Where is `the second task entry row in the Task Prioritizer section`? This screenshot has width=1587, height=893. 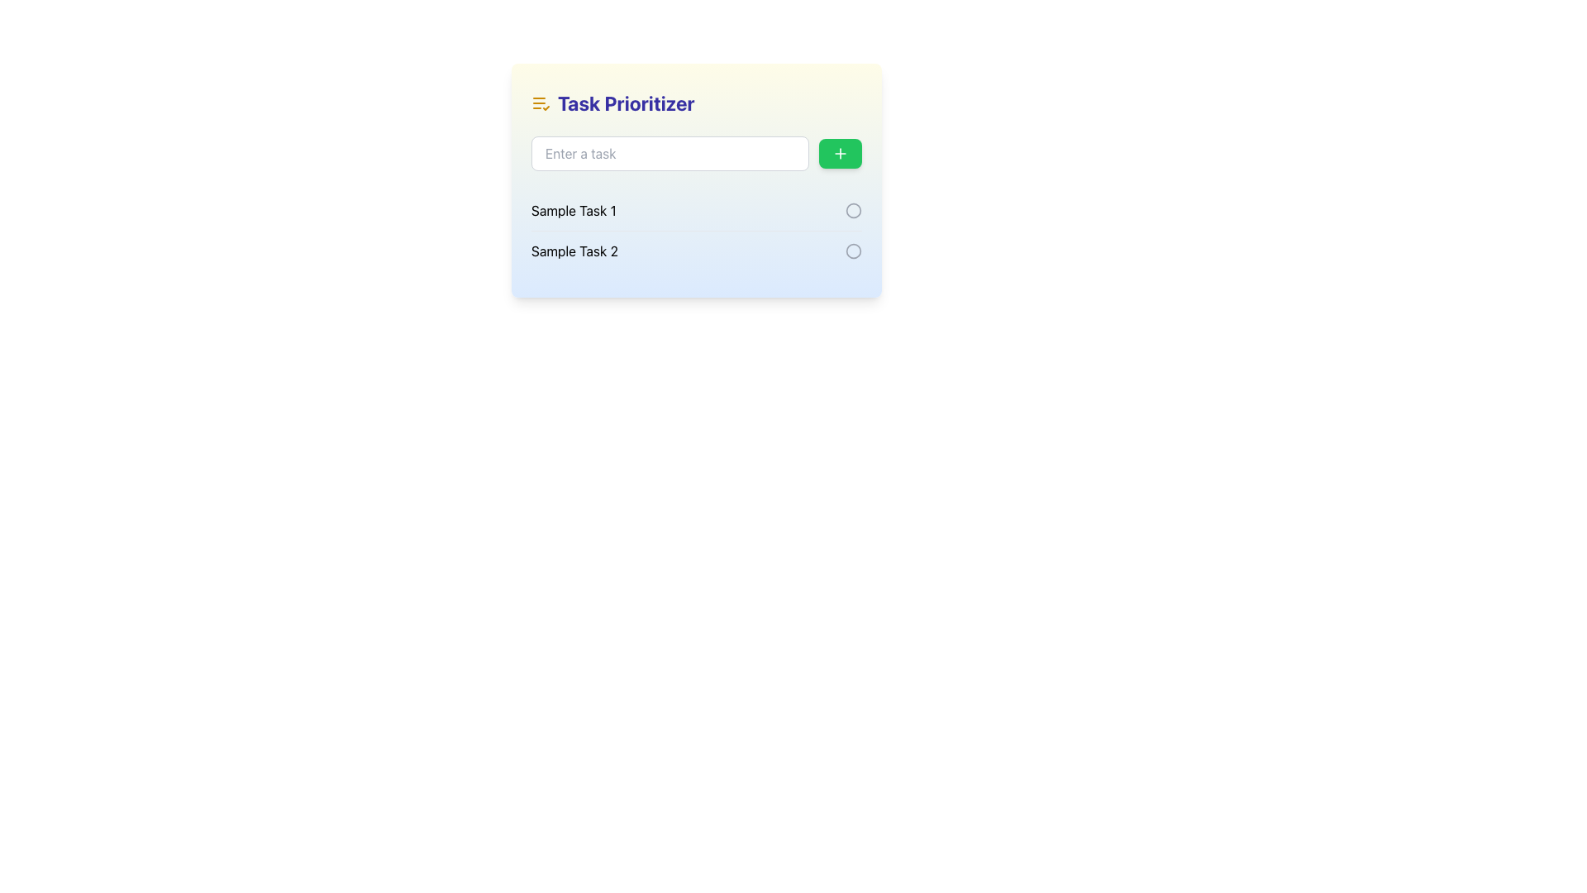 the second task entry row in the Task Prioritizer section is located at coordinates (697, 251).